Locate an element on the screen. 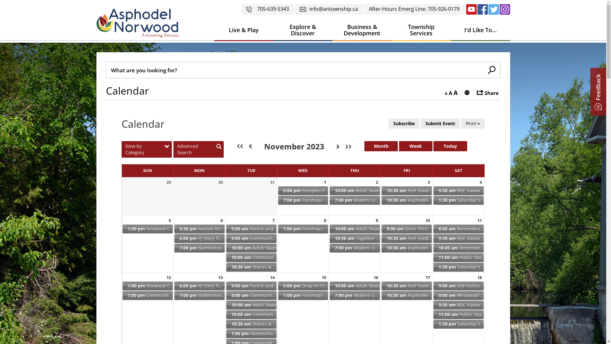 The width and height of the screenshot is (611, 344). '9:00 am Westwood Craft Sale' is located at coordinates (458, 296).